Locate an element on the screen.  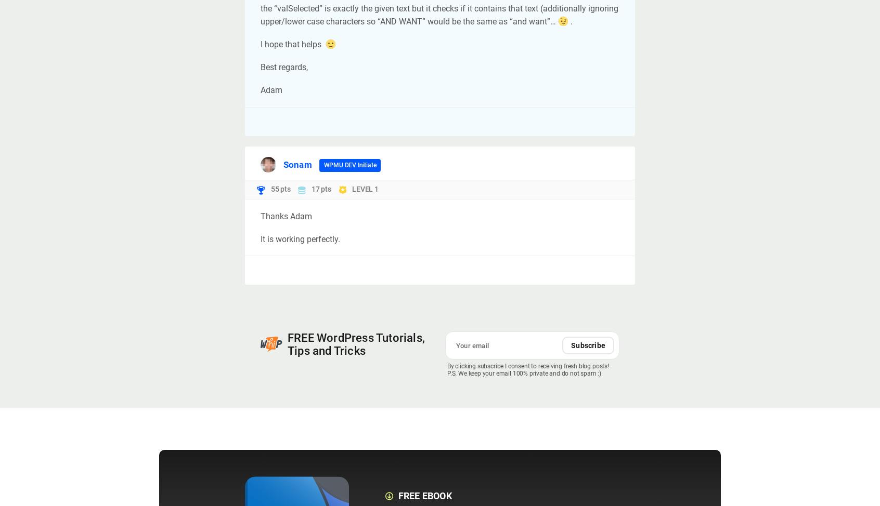
'1' is located at coordinates (373, 189).